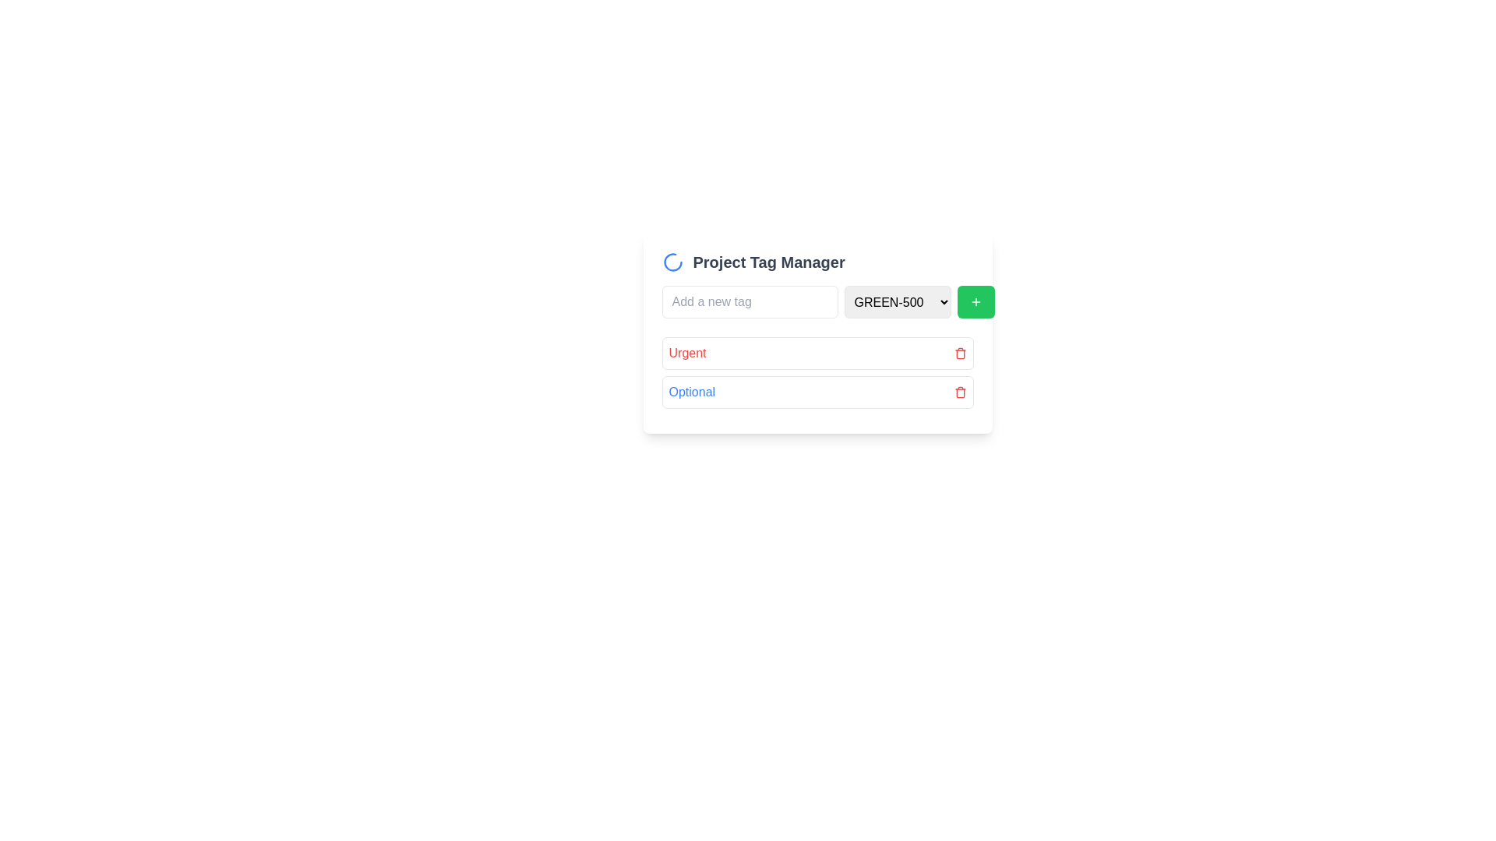 The image size is (1496, 841). What do you see at coordinates (691, 392) in the screenshot?
I see `the 'Optional' text label element, which indicates that the associated item is not mandatory and is positioned below the 'Urgent' text and to the left of a red delete icon` at bounding box center [691, 392].